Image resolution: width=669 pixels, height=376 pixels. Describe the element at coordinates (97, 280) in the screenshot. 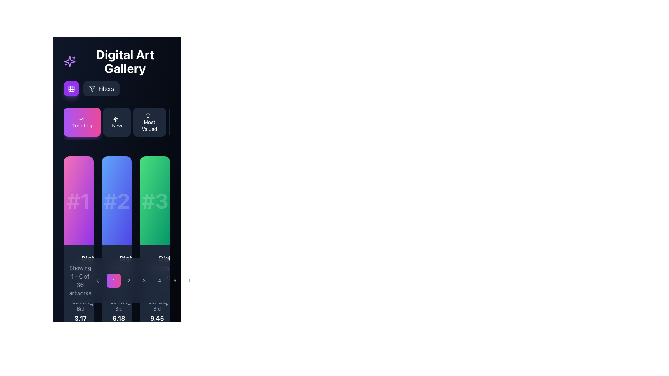

I see `the left-pointing arrow button styled as an SVG graphic in the pagination control interface` at that location.